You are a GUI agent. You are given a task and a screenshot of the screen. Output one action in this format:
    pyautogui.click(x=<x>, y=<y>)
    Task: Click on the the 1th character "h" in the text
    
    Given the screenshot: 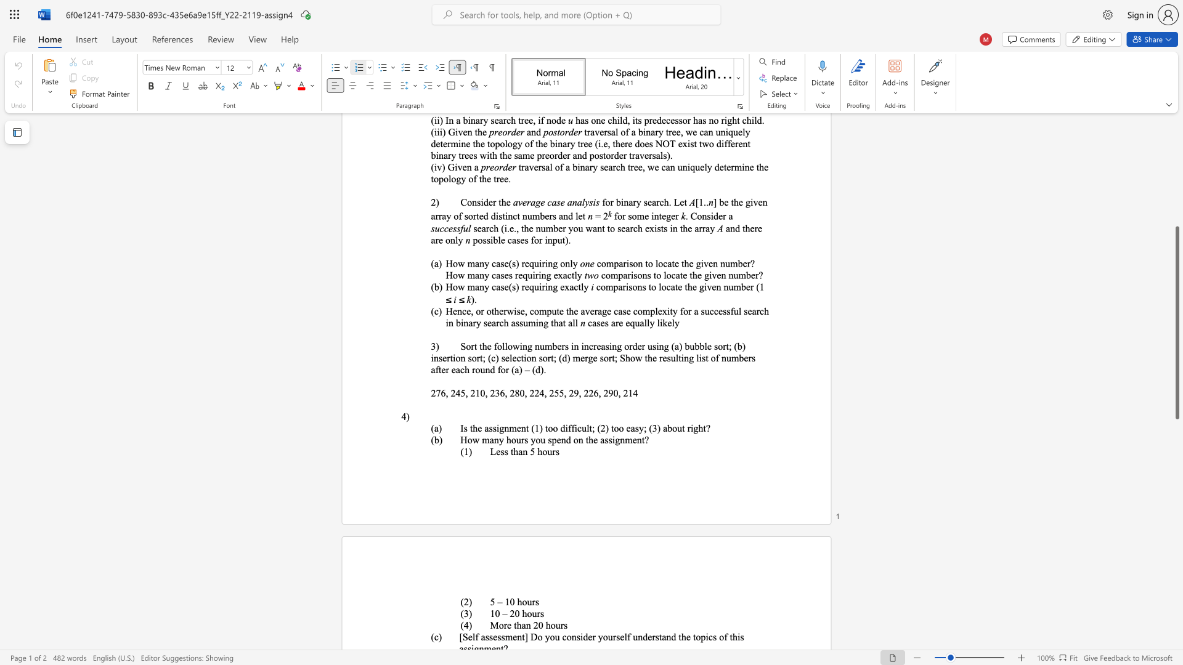 What is the action you would take?
    pyautogui.click(x=516, y=451)
    